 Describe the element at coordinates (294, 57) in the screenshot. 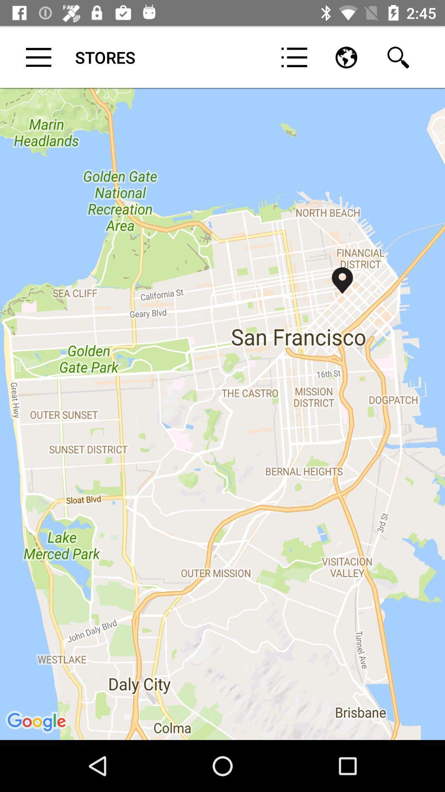

I see `the icon next to the stores icon` at that location.